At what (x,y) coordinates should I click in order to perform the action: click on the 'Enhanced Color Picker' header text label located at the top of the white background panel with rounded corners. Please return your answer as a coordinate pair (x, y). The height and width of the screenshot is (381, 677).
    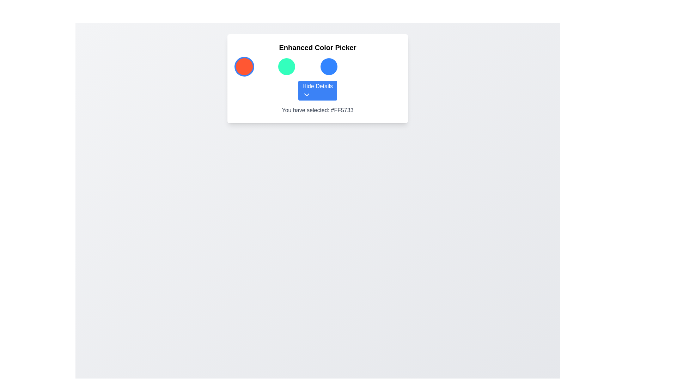
    Looking at the image, I should click on (317, 48).